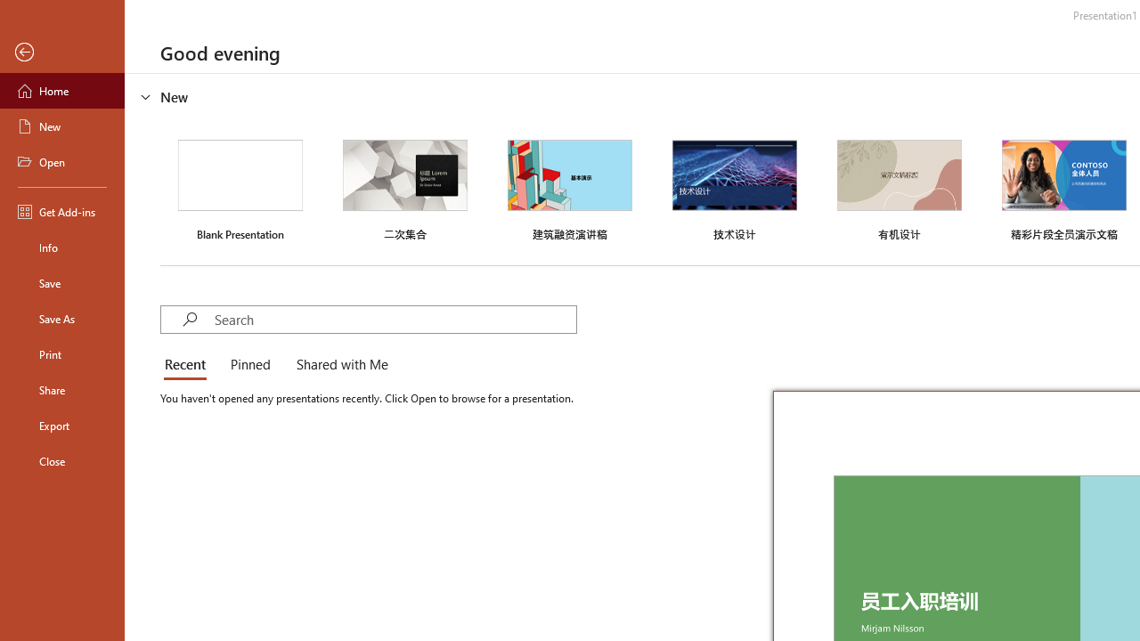  I want to click on 'Hide or show region', so click(146, 97).